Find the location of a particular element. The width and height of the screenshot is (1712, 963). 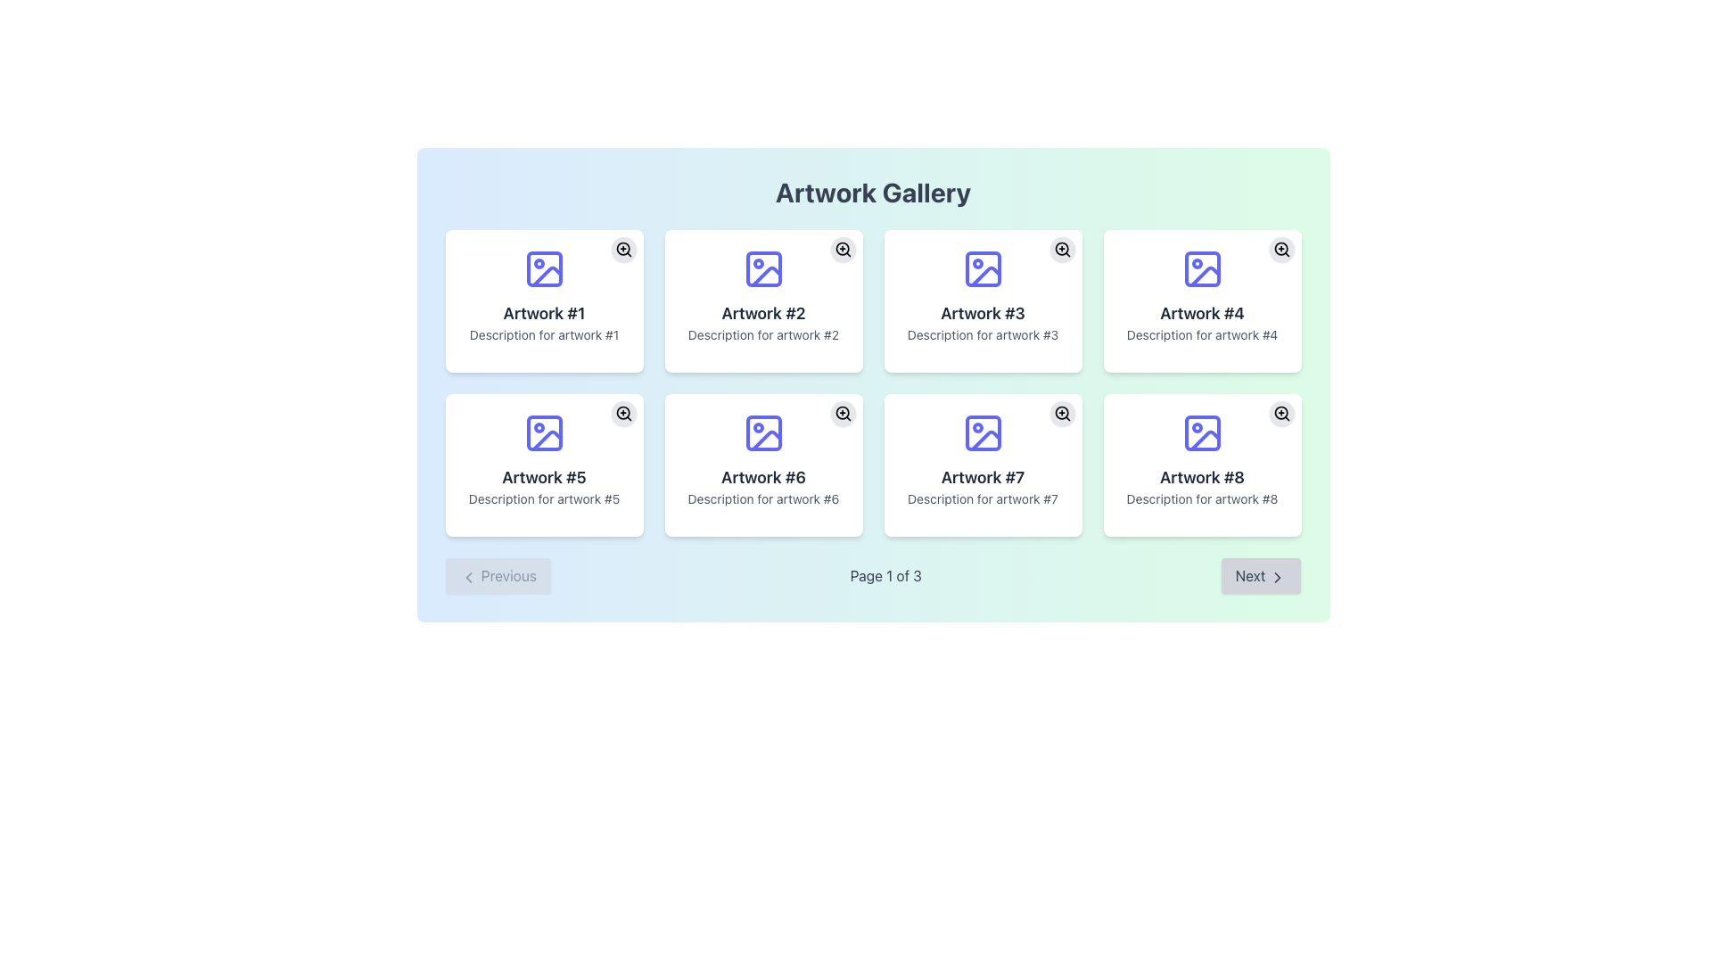

text label 'Artwork #1' which is bold and located below the image icon in the upper-left card of the artwork grid is located at coordinates (543, 312).